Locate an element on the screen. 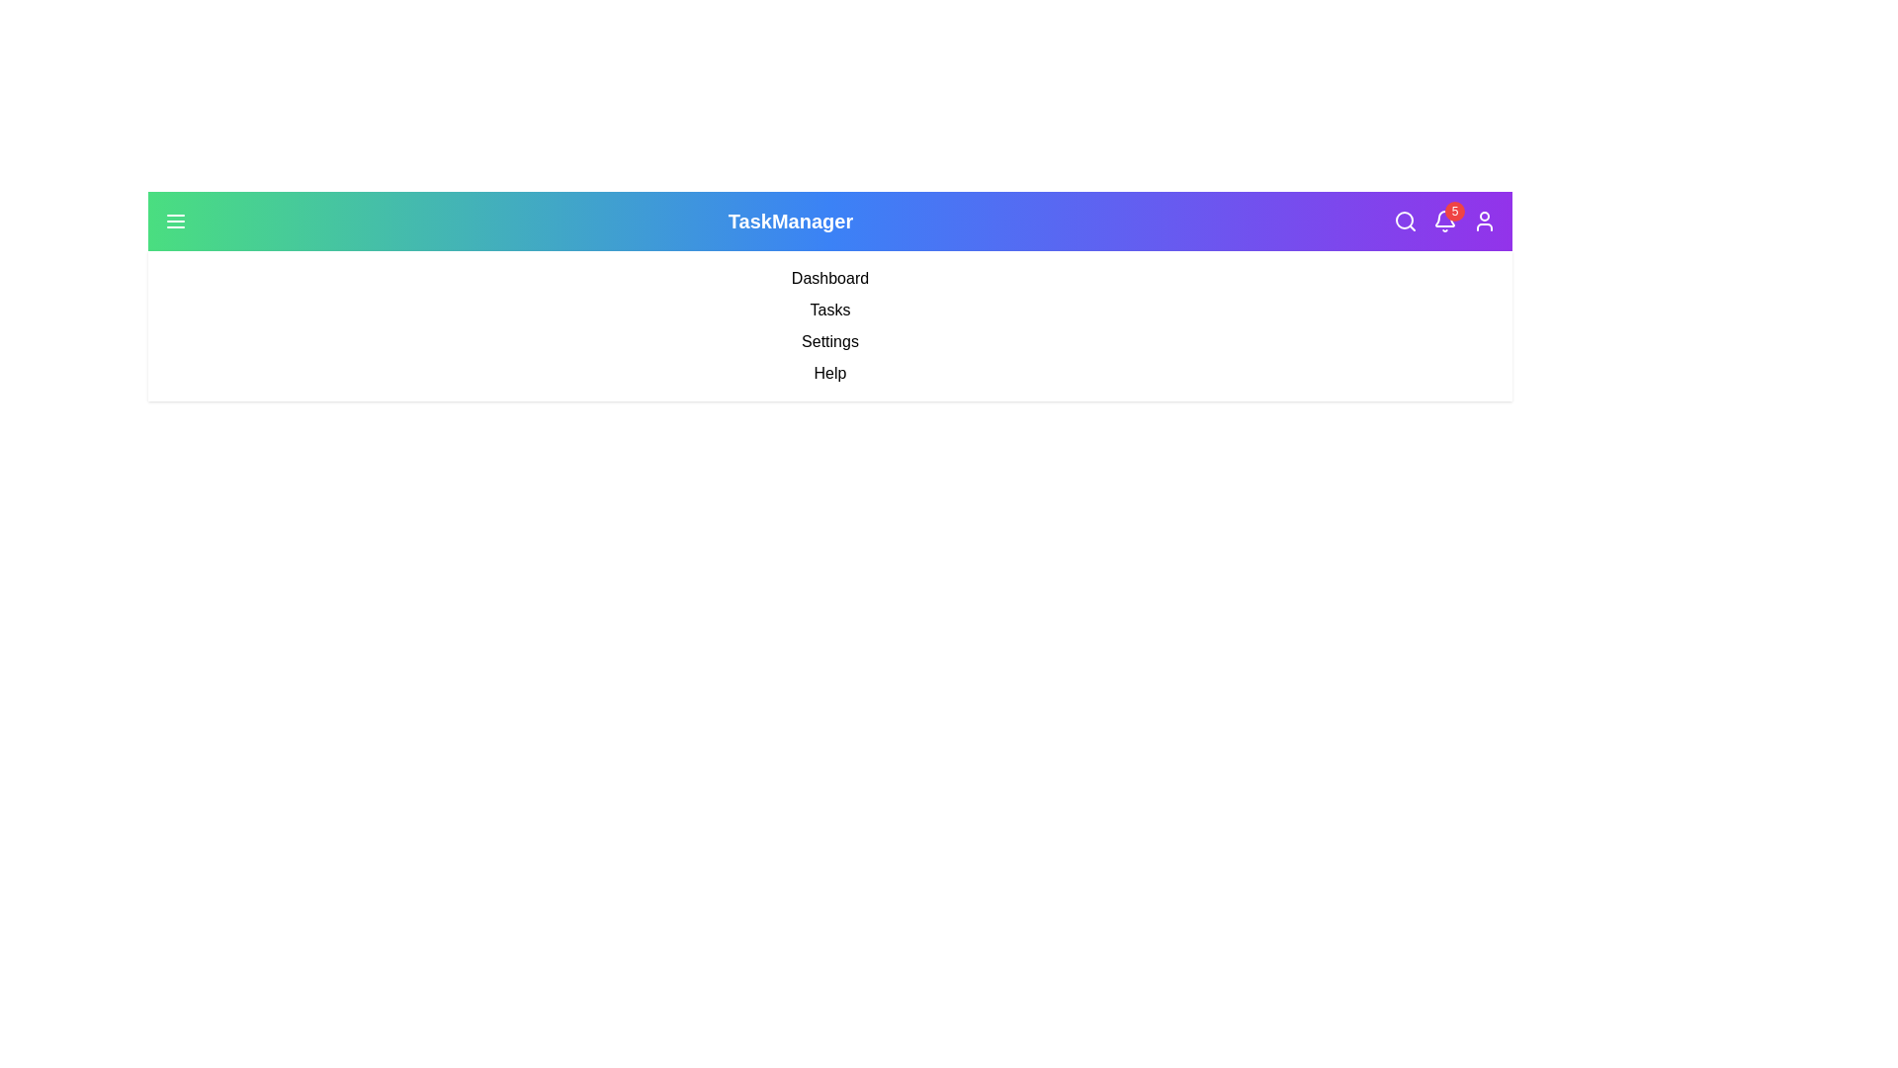 This screenshot has width=1898, height=1068. the user profile icon, which features a circular head and semi-circular torso in white against a vivid purple background, located at the far right of the navigation bar is located at coordinates (1485, 221).